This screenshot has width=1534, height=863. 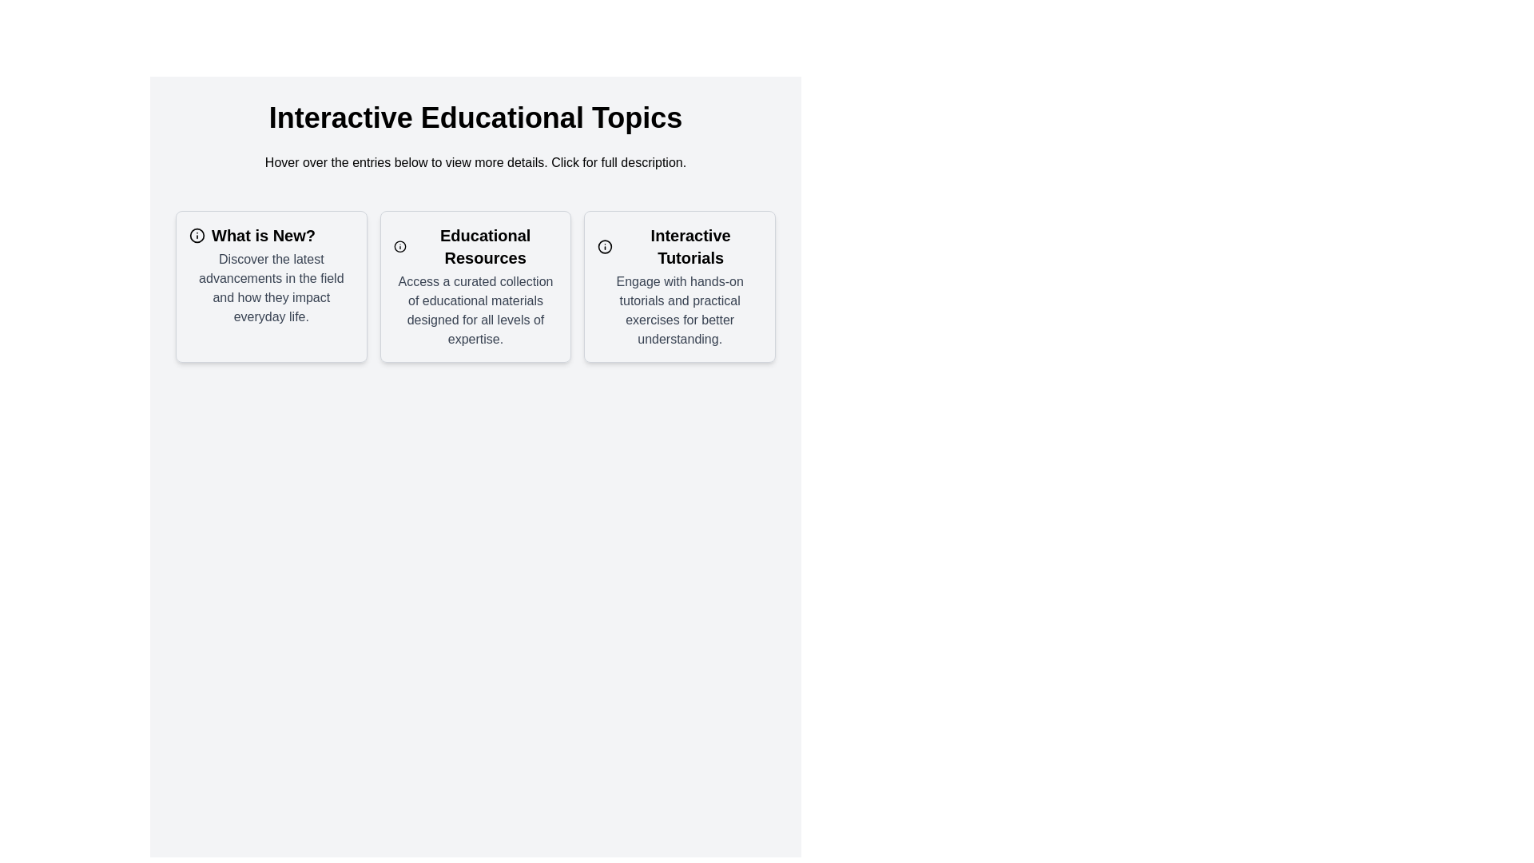 What do you see at coordinates (604, 246) in the screenshot?
I see `the 'Information' icon located in the top-left corner of the last card in the third column of the three-card row, which provides additional context for the 'Interactive Tutorials' heading` at bounding box center [604, 246].